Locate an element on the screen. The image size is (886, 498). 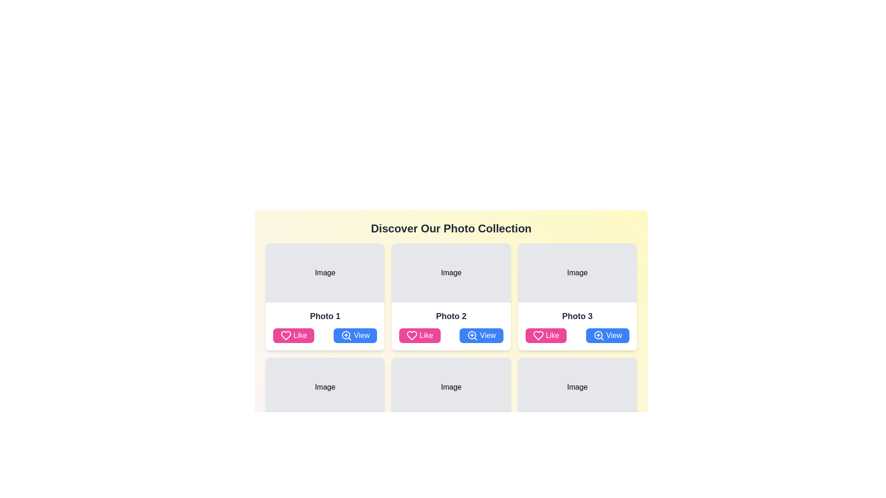
the 'Like' icon located inside the pink 'Like' button, which is positioned in the second column of the top row under the 'Discover Our Photo Collection' heading is located at coordinates (285, 336).